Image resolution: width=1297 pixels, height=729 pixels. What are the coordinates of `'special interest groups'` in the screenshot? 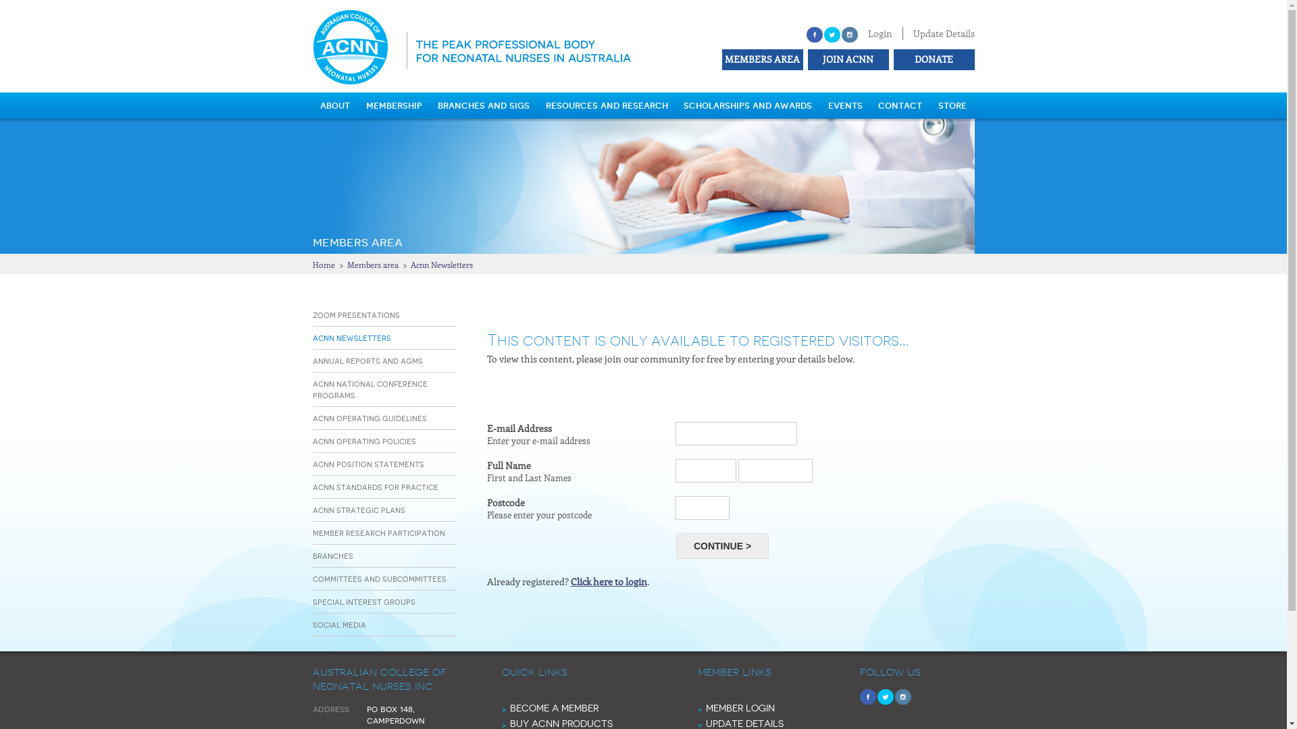 It's located at (363, 601).